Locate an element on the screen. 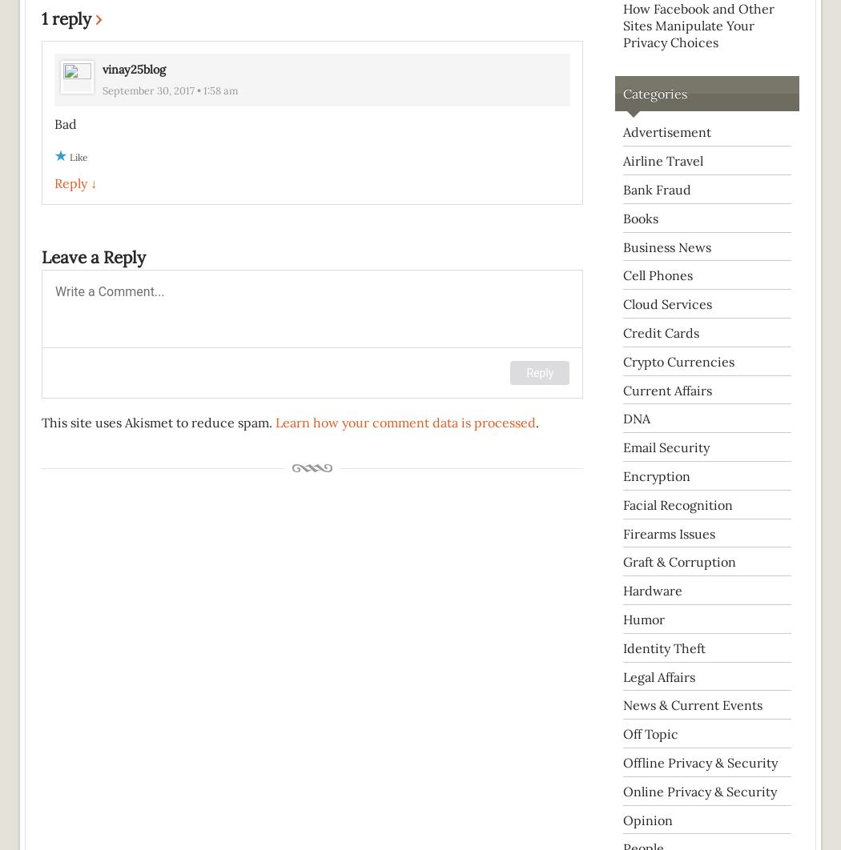 The image size is (841, 850). 'vinay25blog' is located at coordinates (134, 69).